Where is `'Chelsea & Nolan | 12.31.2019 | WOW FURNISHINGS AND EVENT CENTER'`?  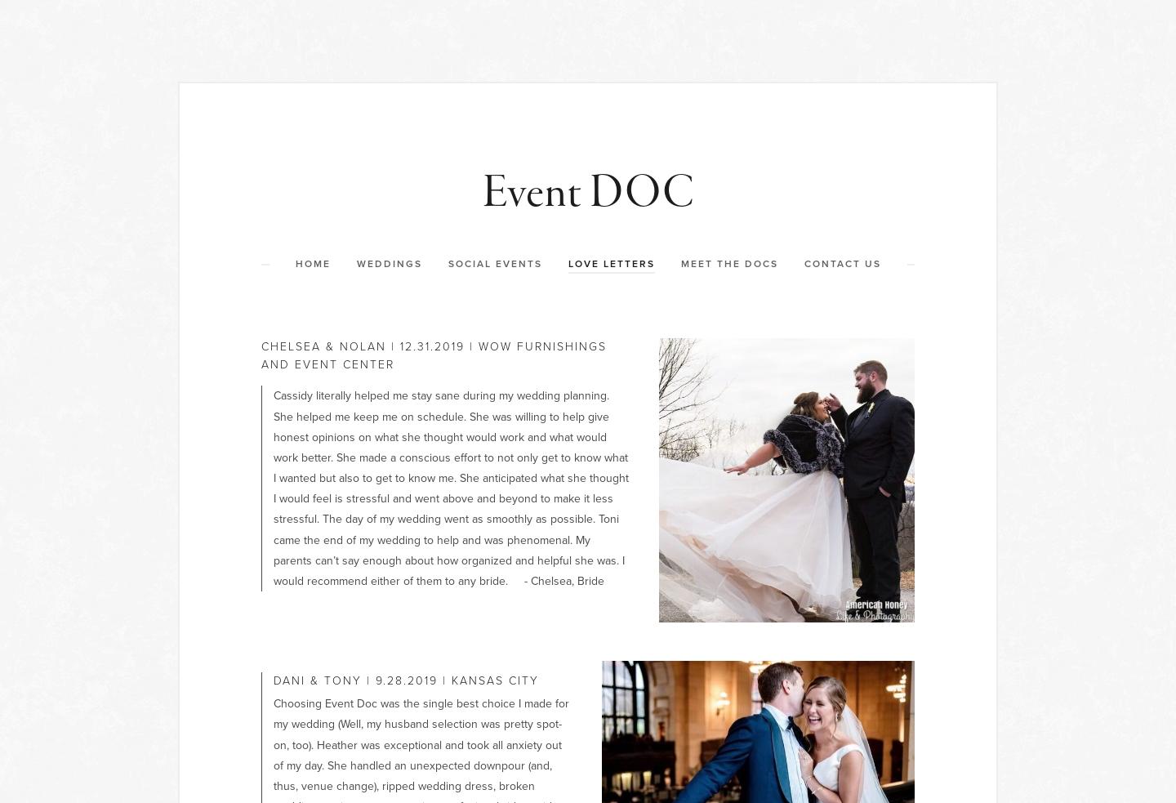
'Chelsea & Nolan | 12.31.2019 | WOW FURNISHINGS AND EVENT CENTER' is located at coordinates (435, 354).